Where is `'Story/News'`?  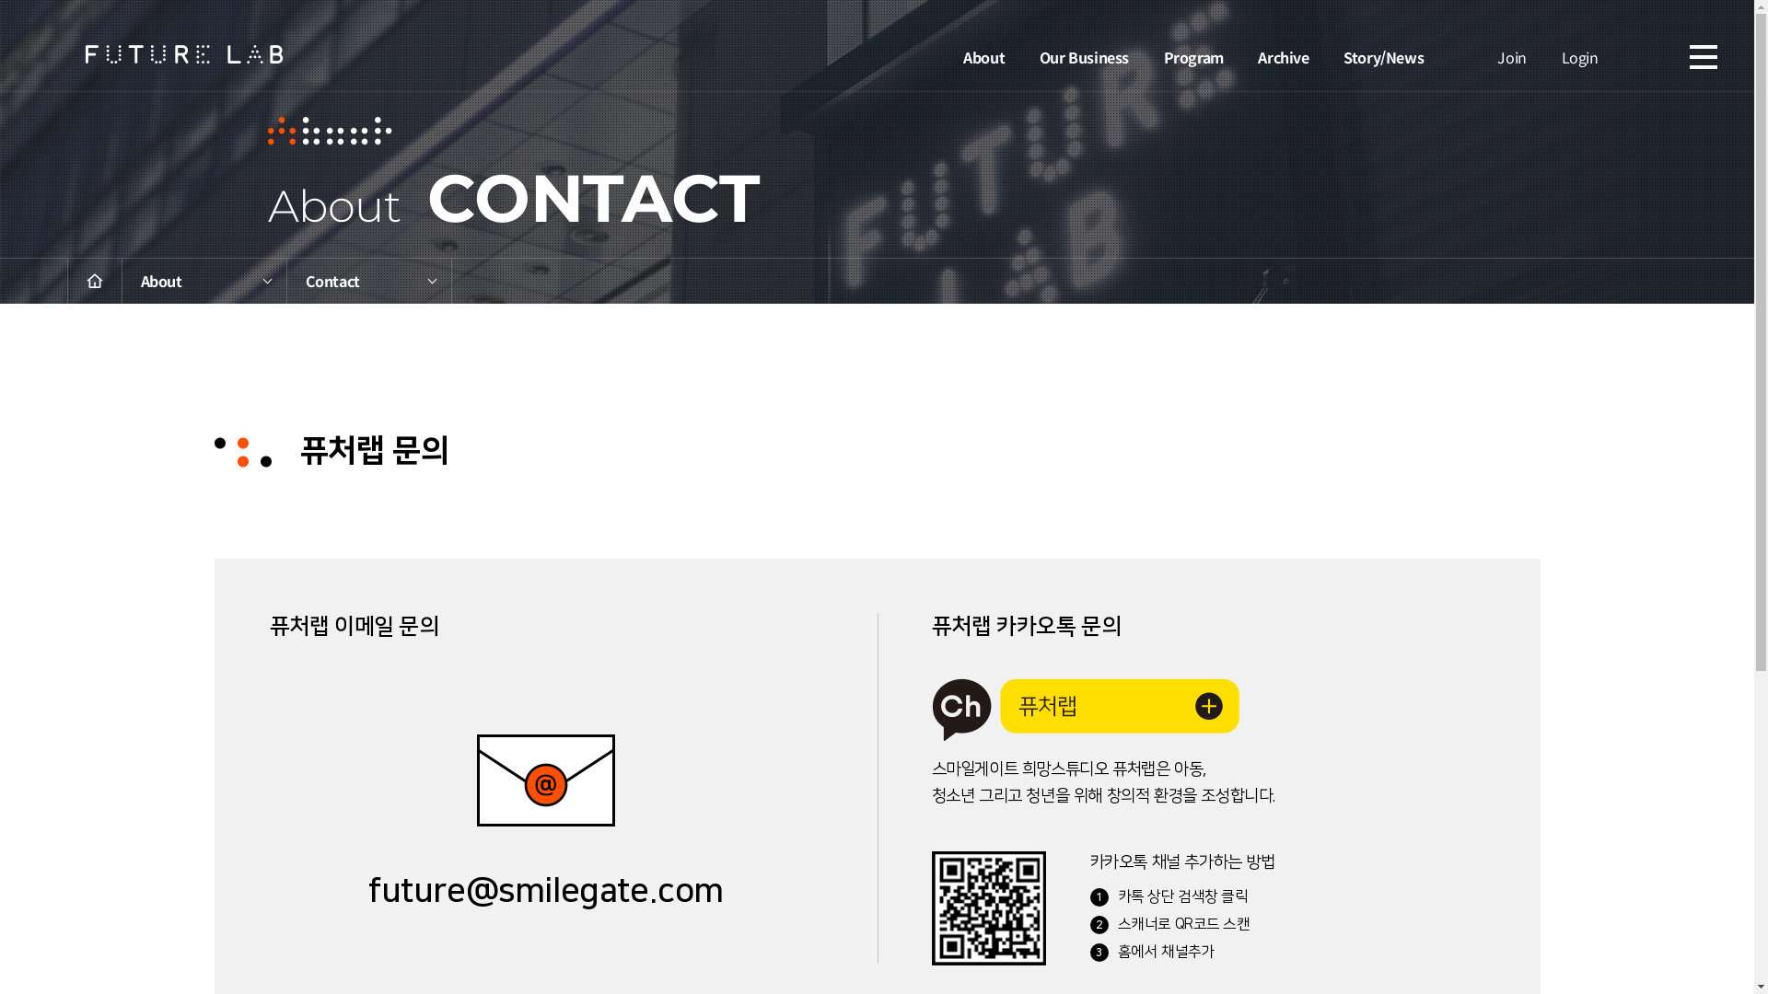
'Story/News' is located at coordinates (1383, 55).